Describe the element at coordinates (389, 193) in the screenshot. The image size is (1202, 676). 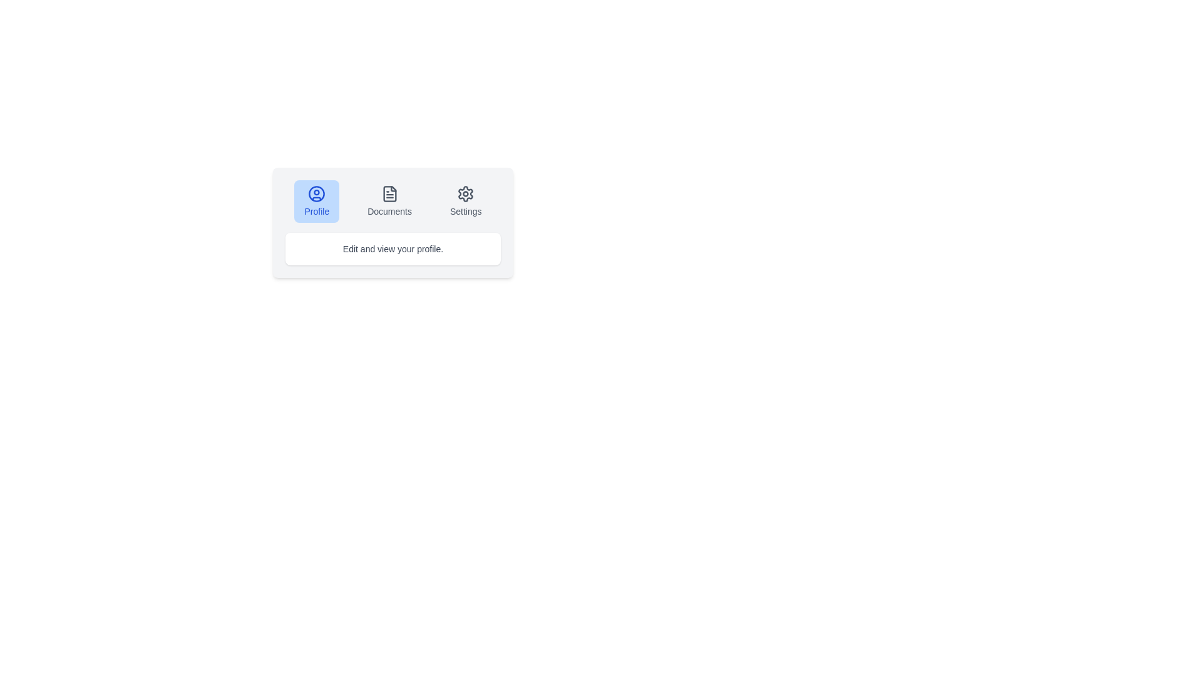
I see `the 'Documents' icon, which is positioned between the 'Profile' icon and the 'Settings' gear icon` at that location.